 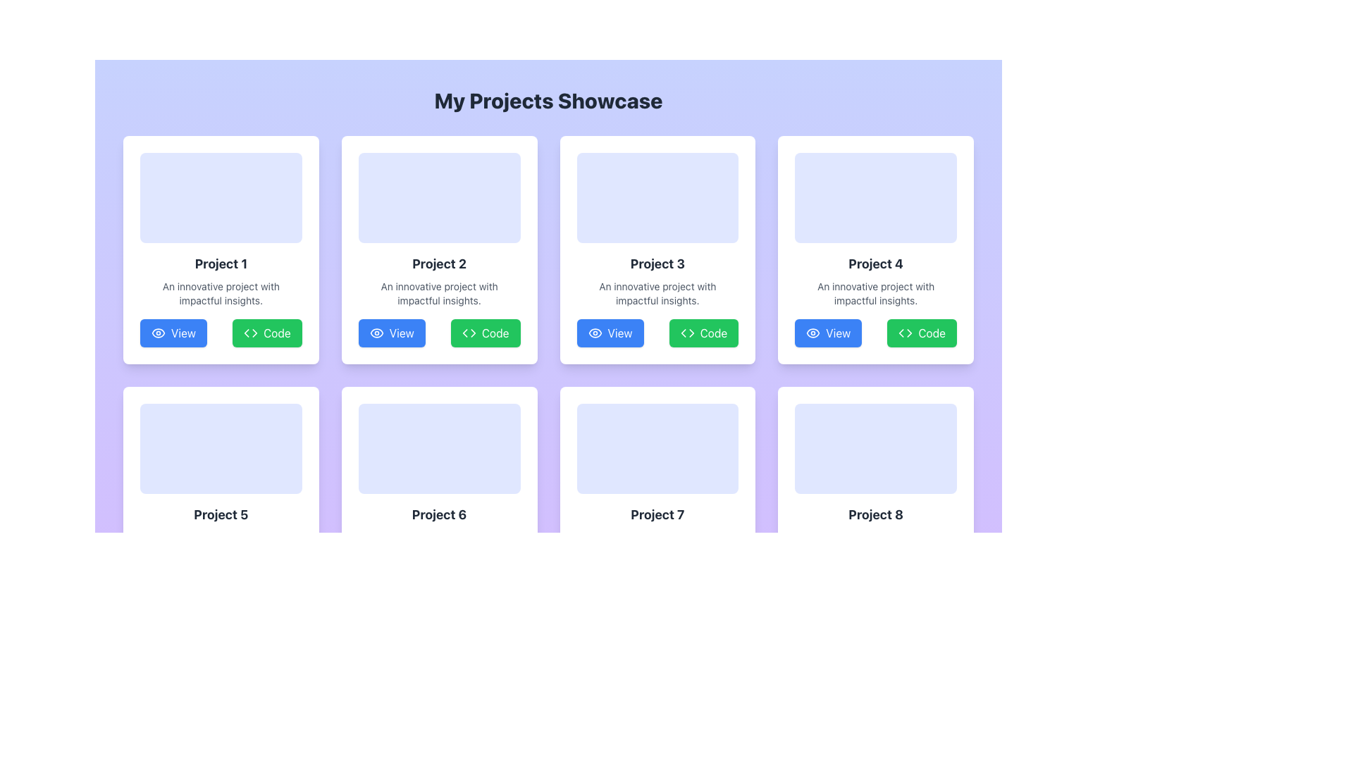 What do you see at coordinates (469, 333) in the screenshot?
I see `the angle brackets icon ('<>') located inside the green 'Code' button in the project card titled 'Project 2' to interact with it` at bounding box center [469, 333].